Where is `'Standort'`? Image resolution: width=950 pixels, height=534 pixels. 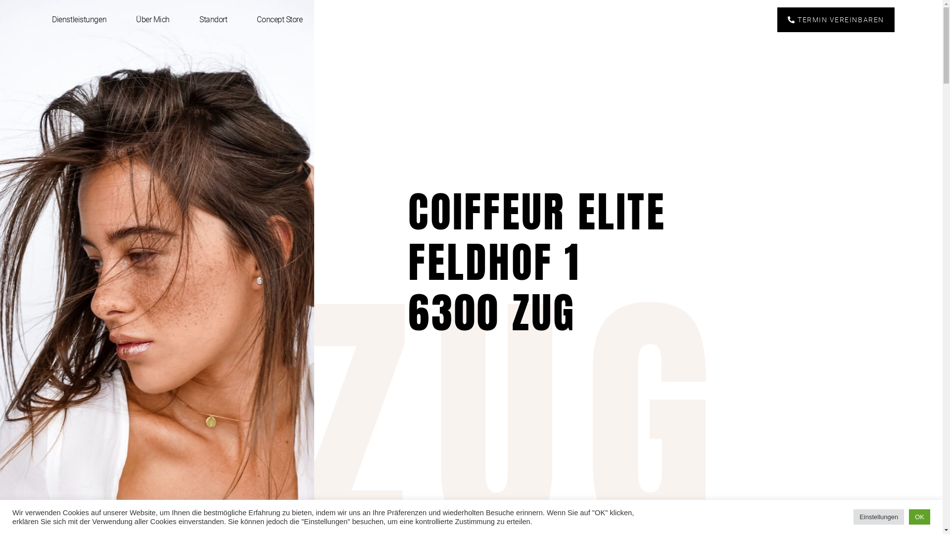
'Standort' is located at coordinates (213, 19).